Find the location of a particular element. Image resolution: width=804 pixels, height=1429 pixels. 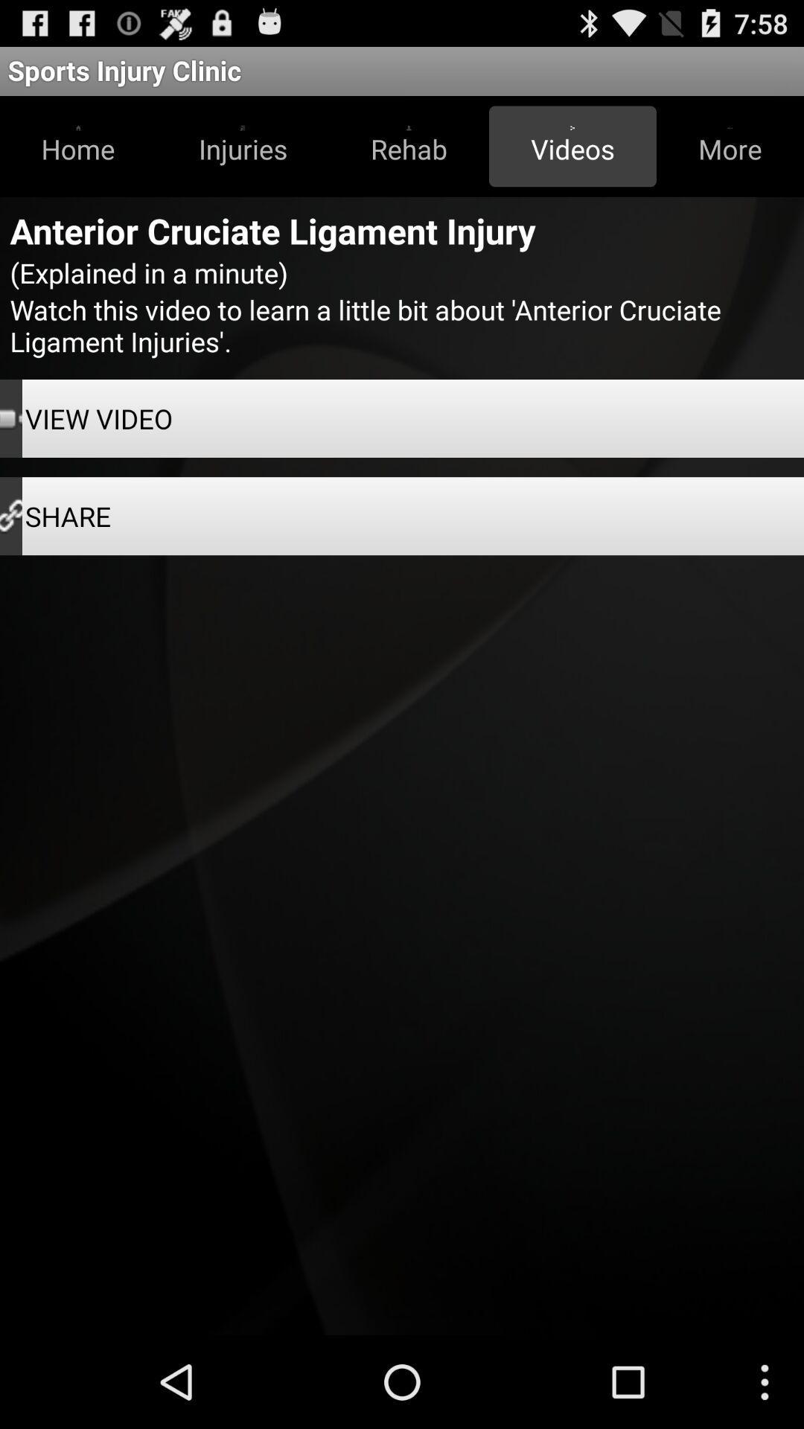

the home is located at coordinates (78, 146).